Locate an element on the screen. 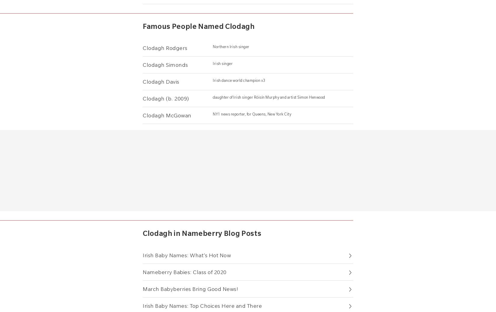 The width and height of the screenshot is (496, 312). 'daughter of Irish singer Róisín Murphy and artist Simon Henwood' is located at coordinates (269, 97).